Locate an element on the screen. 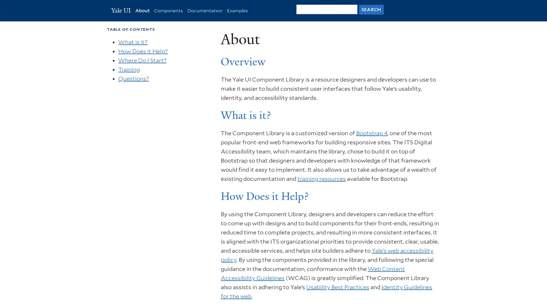 The width and height of the screenshot is (547, 308). SEARCH is located at coordinates (371, 9).